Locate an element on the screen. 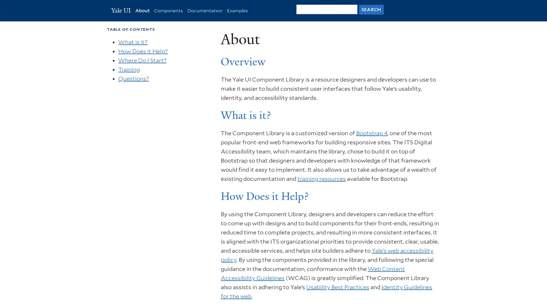 The width and height of the screenshot is (547, 308). SEARCH is located at coordinates (371, 9).